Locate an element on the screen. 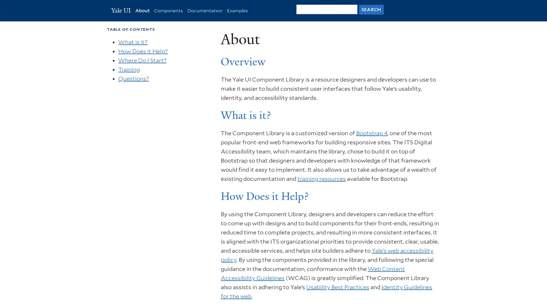 The width and height of the screenshot is (547, 308). SEARCH is located at coordinates (371, 9).